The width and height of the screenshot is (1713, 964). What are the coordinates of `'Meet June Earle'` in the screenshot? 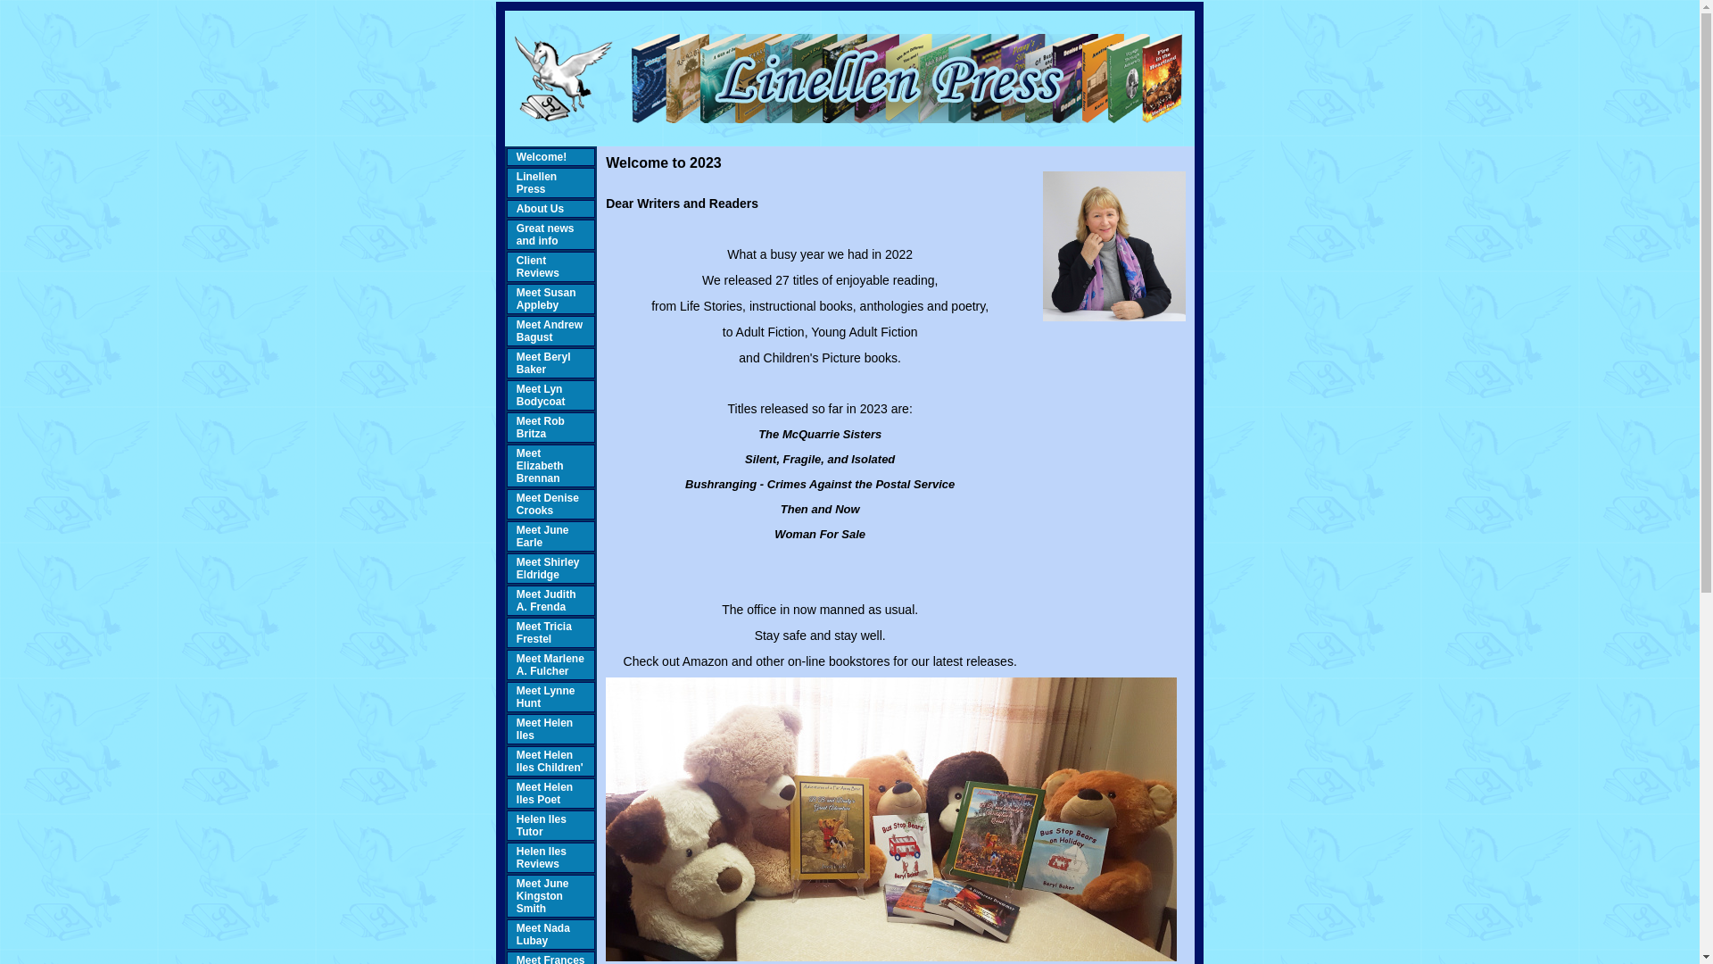 It's located at (542, 536).